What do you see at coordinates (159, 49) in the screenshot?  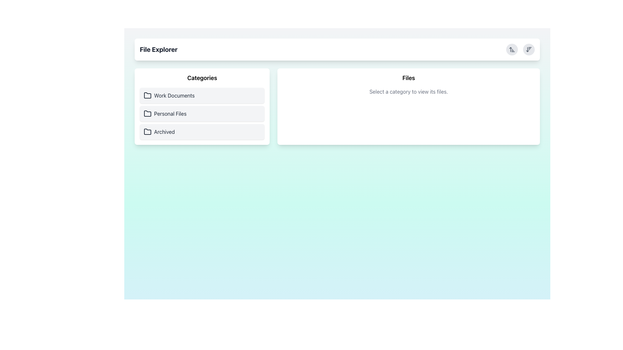 I see `the 'File Explorer' text label, which is a bold and large dark gray text on a white background located at the top-left area of the interface` at bounding box center [159, 49].